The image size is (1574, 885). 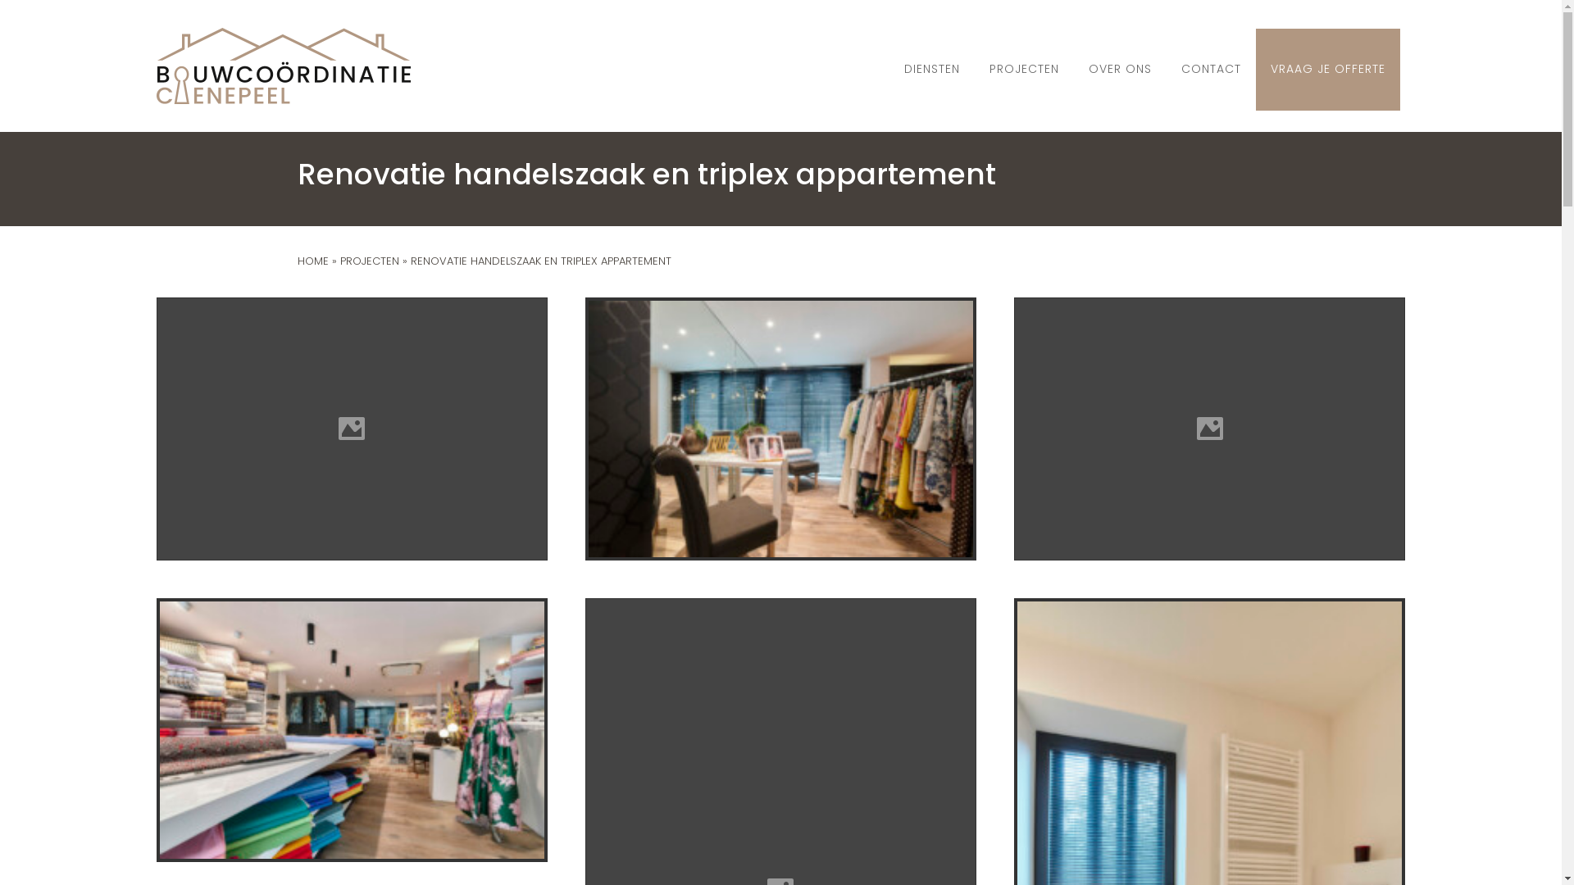 I want to click on 'PROJECTEN', so click(x=1023, y=68).